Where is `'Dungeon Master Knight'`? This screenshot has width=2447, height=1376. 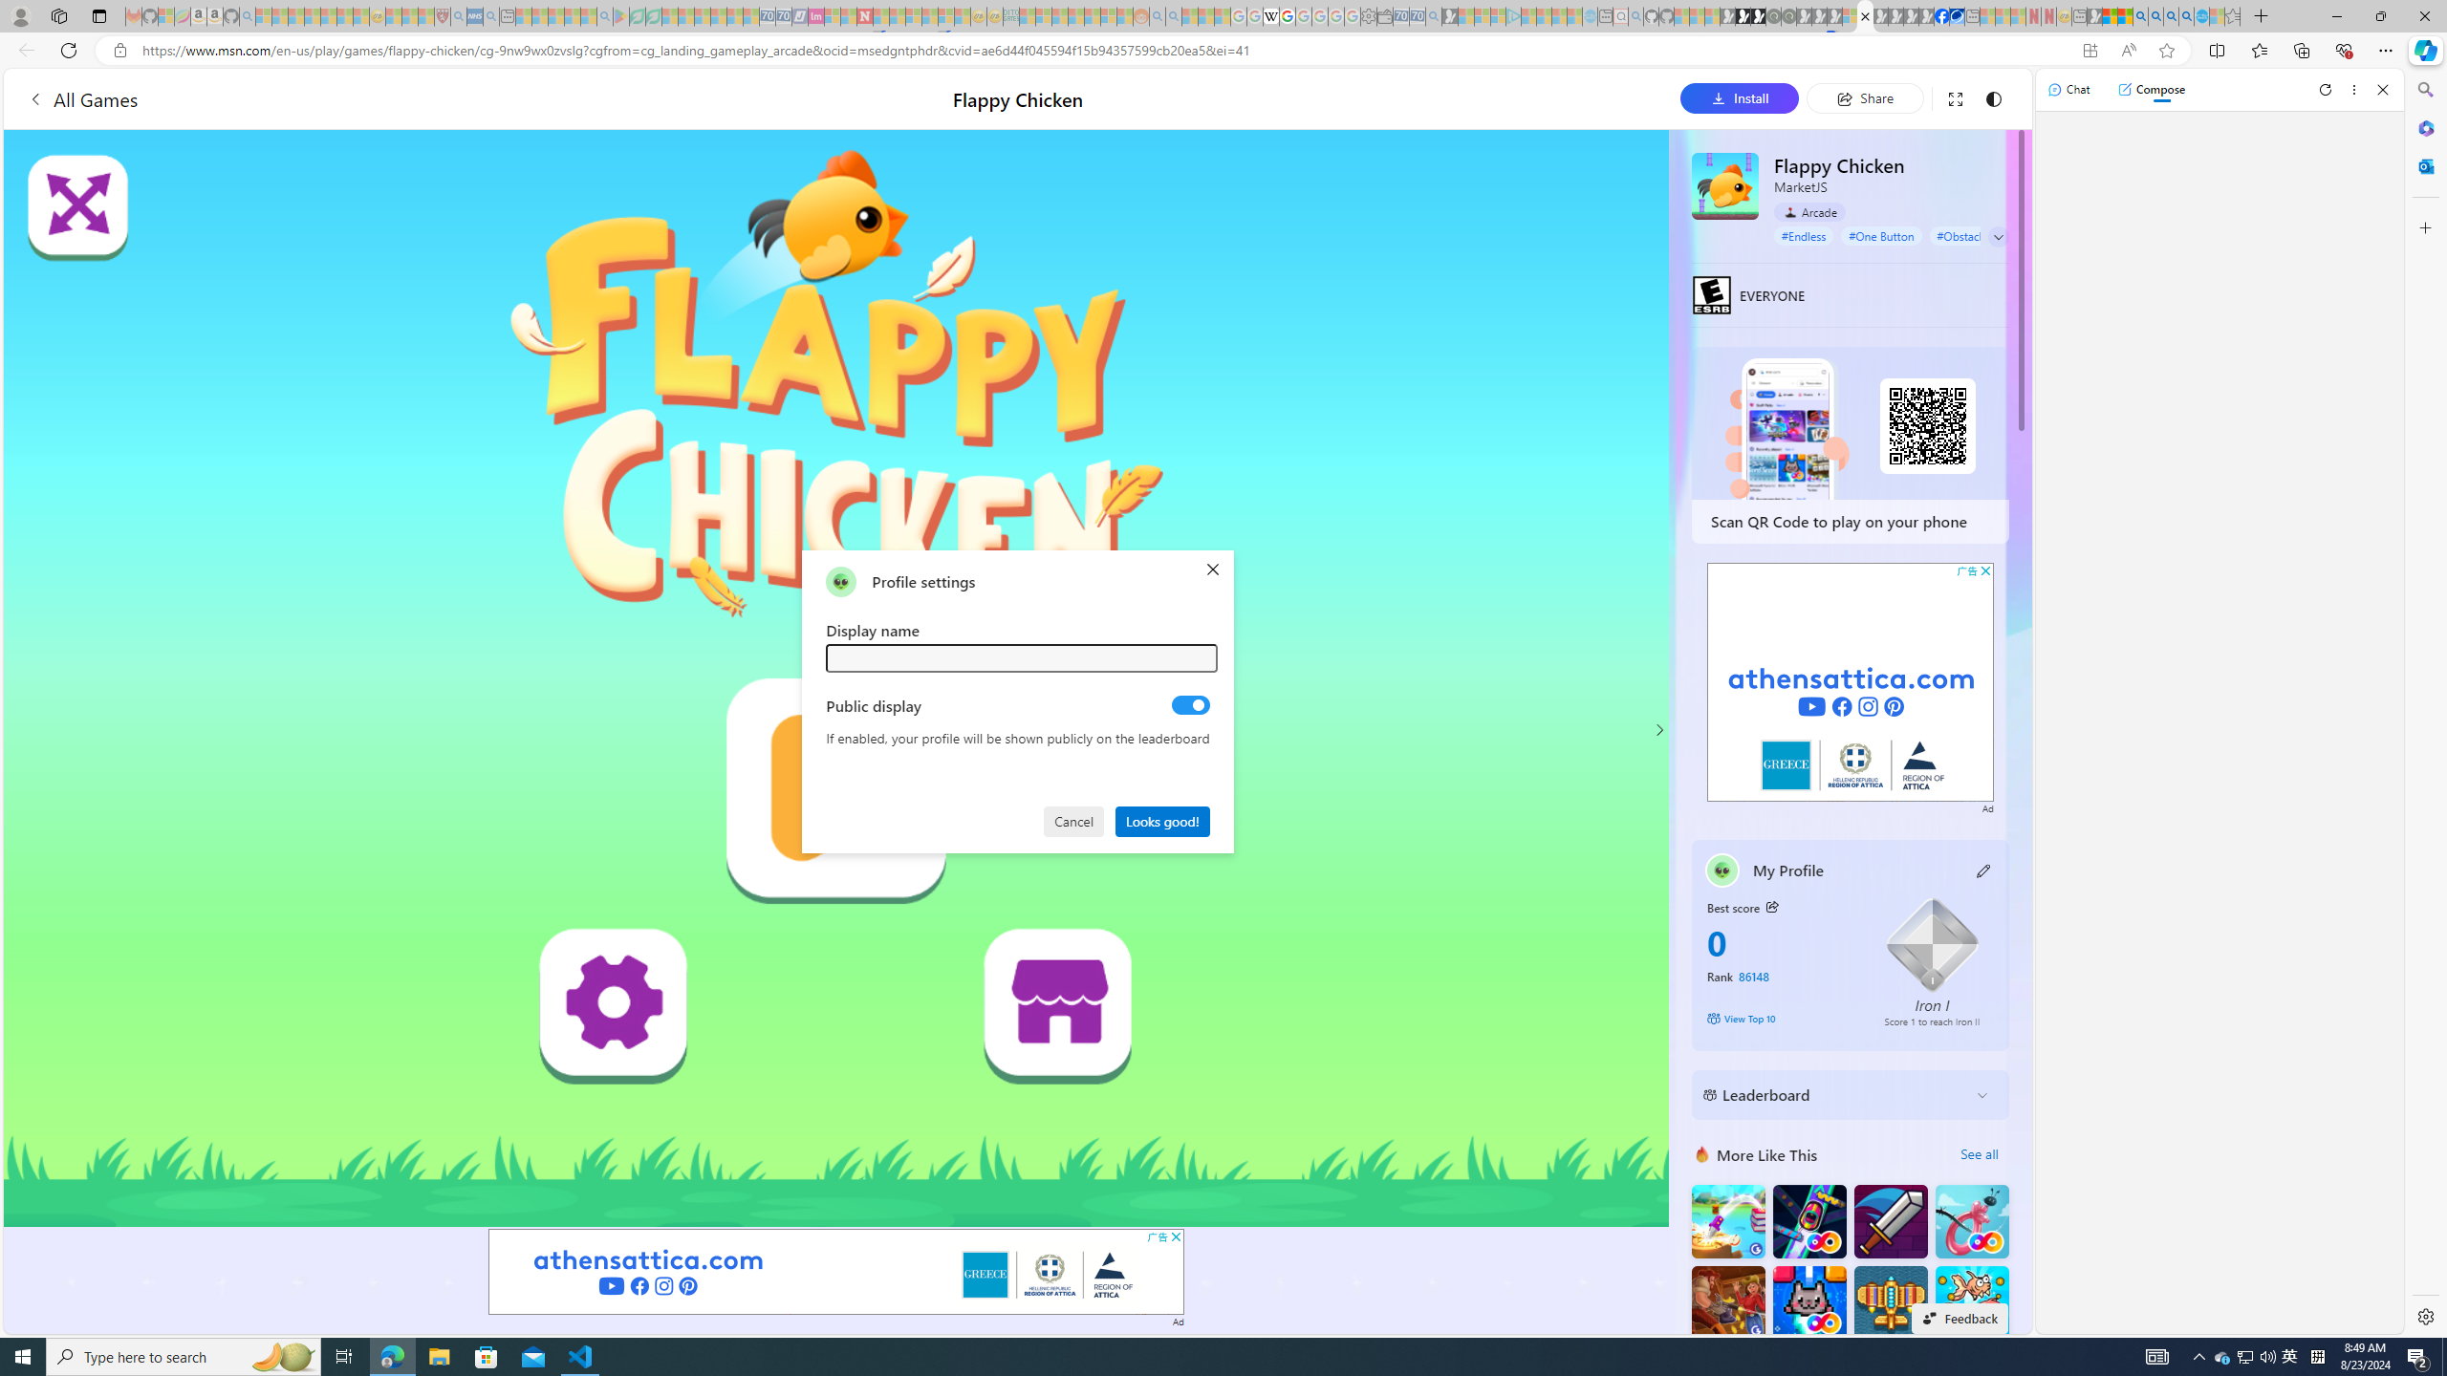 'Dungeon Master Knight' is located at coordinates (1890, 1221).